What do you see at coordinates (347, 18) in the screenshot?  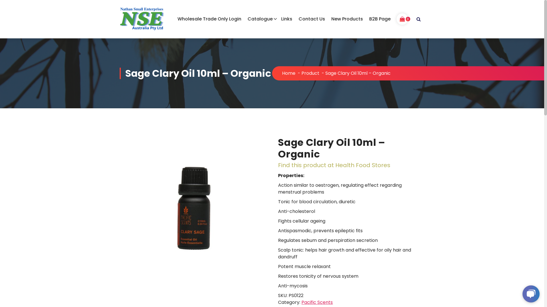 I see `'New Products'` at bounding box center [347, 18].